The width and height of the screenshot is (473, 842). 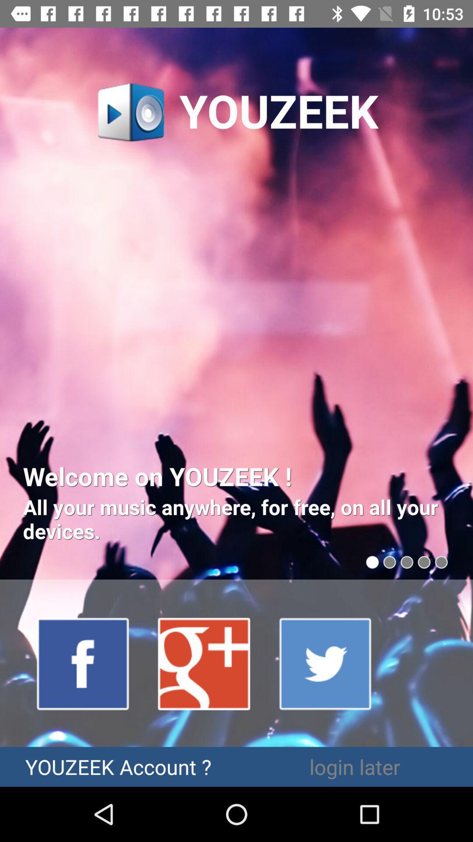 I want to click on facebook link, so click(x=83, y=663).